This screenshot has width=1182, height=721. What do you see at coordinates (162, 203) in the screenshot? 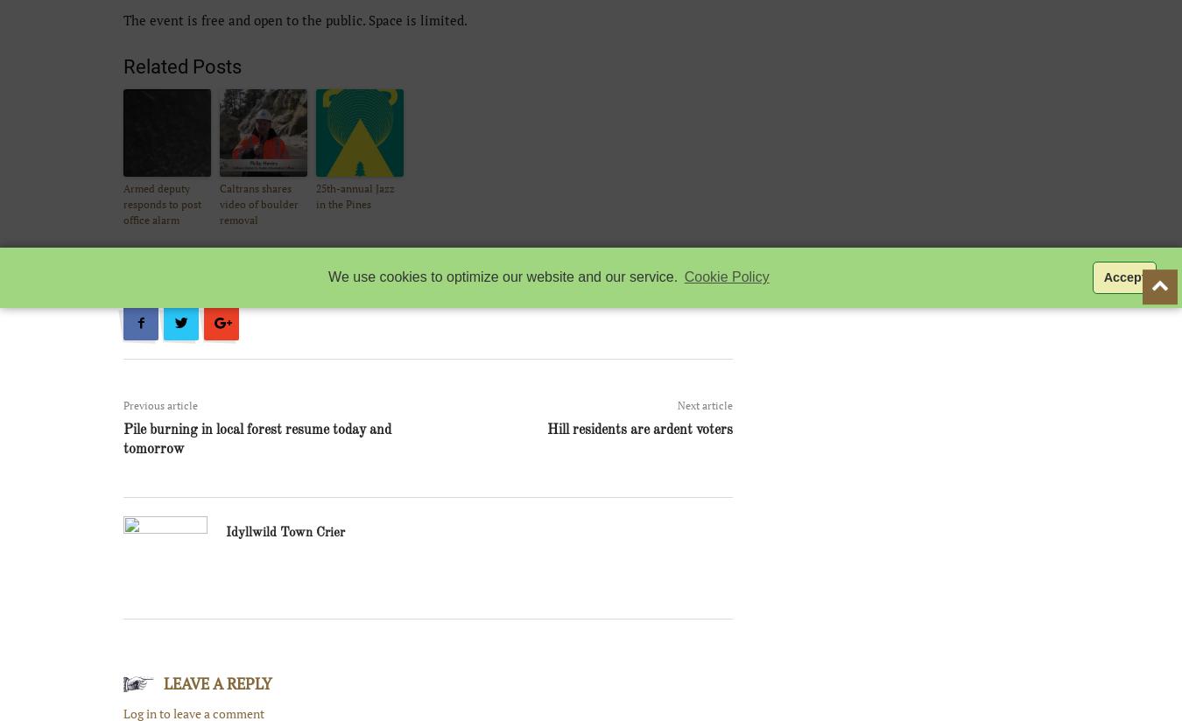
I see `'Armed deputy responds to post office alarm'` at bounding box center [162, 203].